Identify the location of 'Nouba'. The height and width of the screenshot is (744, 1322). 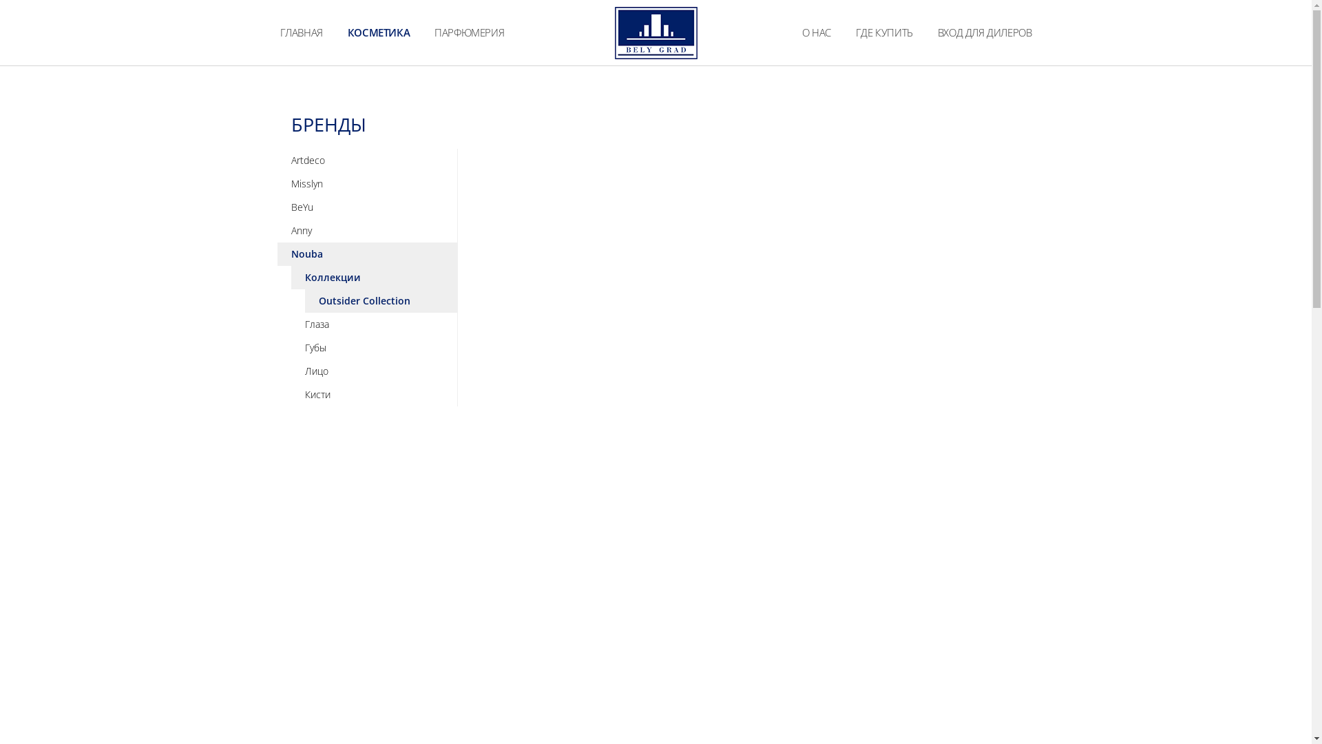
(366, 254).